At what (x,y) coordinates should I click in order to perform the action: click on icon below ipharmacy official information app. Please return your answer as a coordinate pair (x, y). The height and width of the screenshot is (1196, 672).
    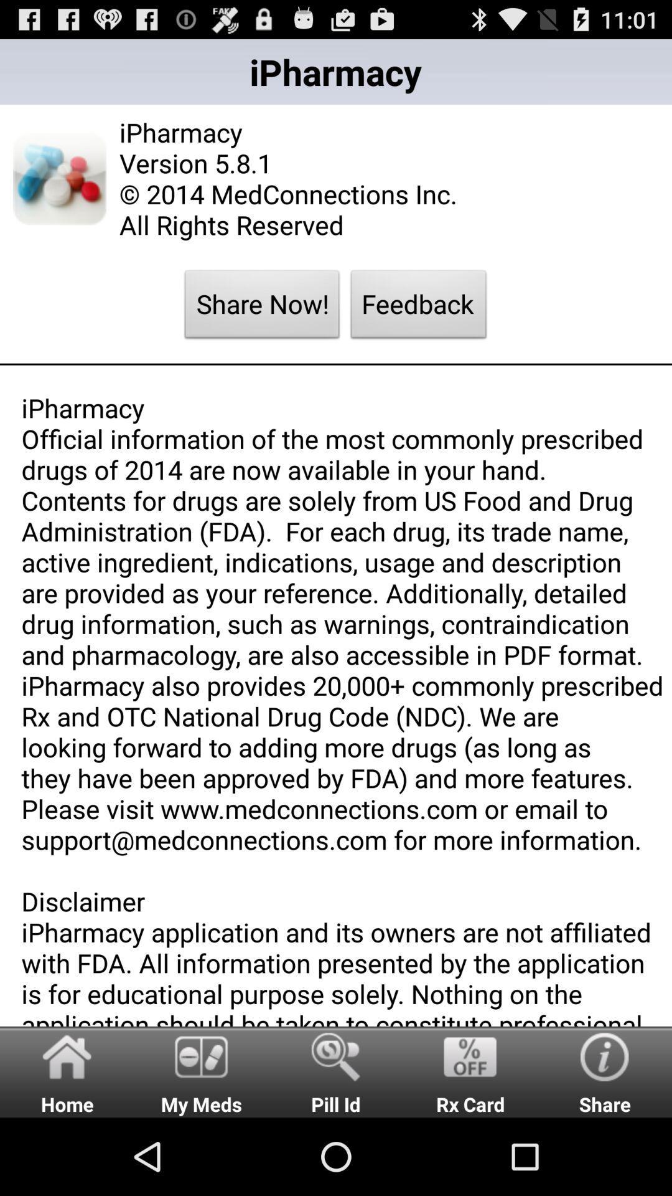
    Looking at the image, I should click on (470, 1071).